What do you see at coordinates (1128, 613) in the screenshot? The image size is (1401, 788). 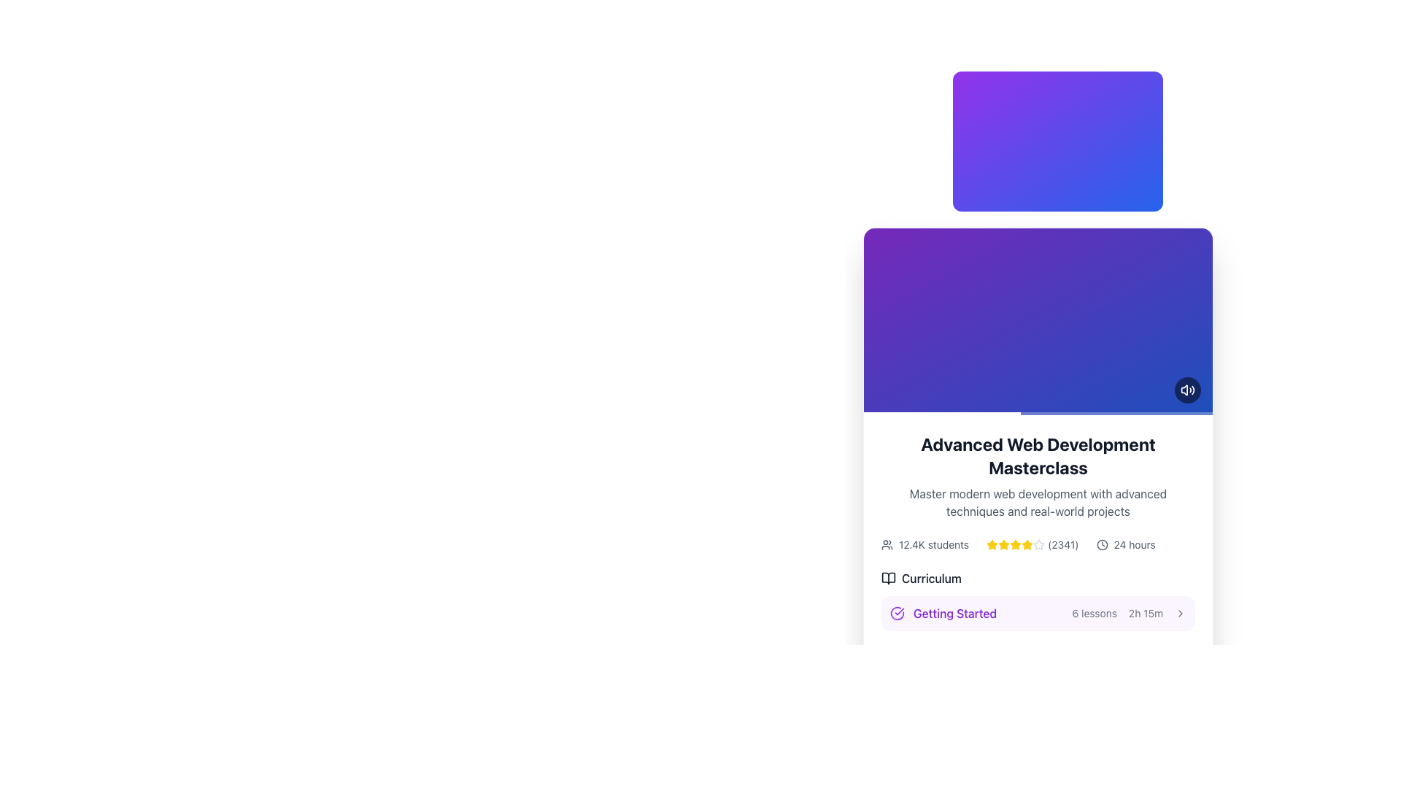 I see `the text information display showing '6 lessons 2h 15m', which is styled in light gray and located on the right side of the purple 'Getting Started' box` at bounding box center [1128, 613].